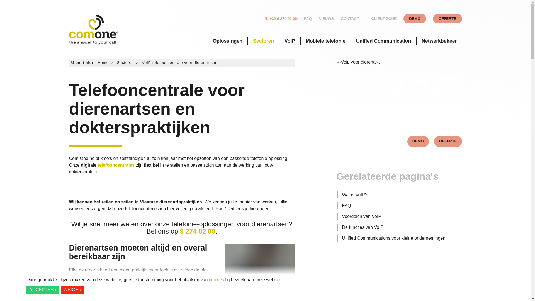 This screenshot has width=535, height=301. I want to click on 'NIEUWS', so click(326, 18).